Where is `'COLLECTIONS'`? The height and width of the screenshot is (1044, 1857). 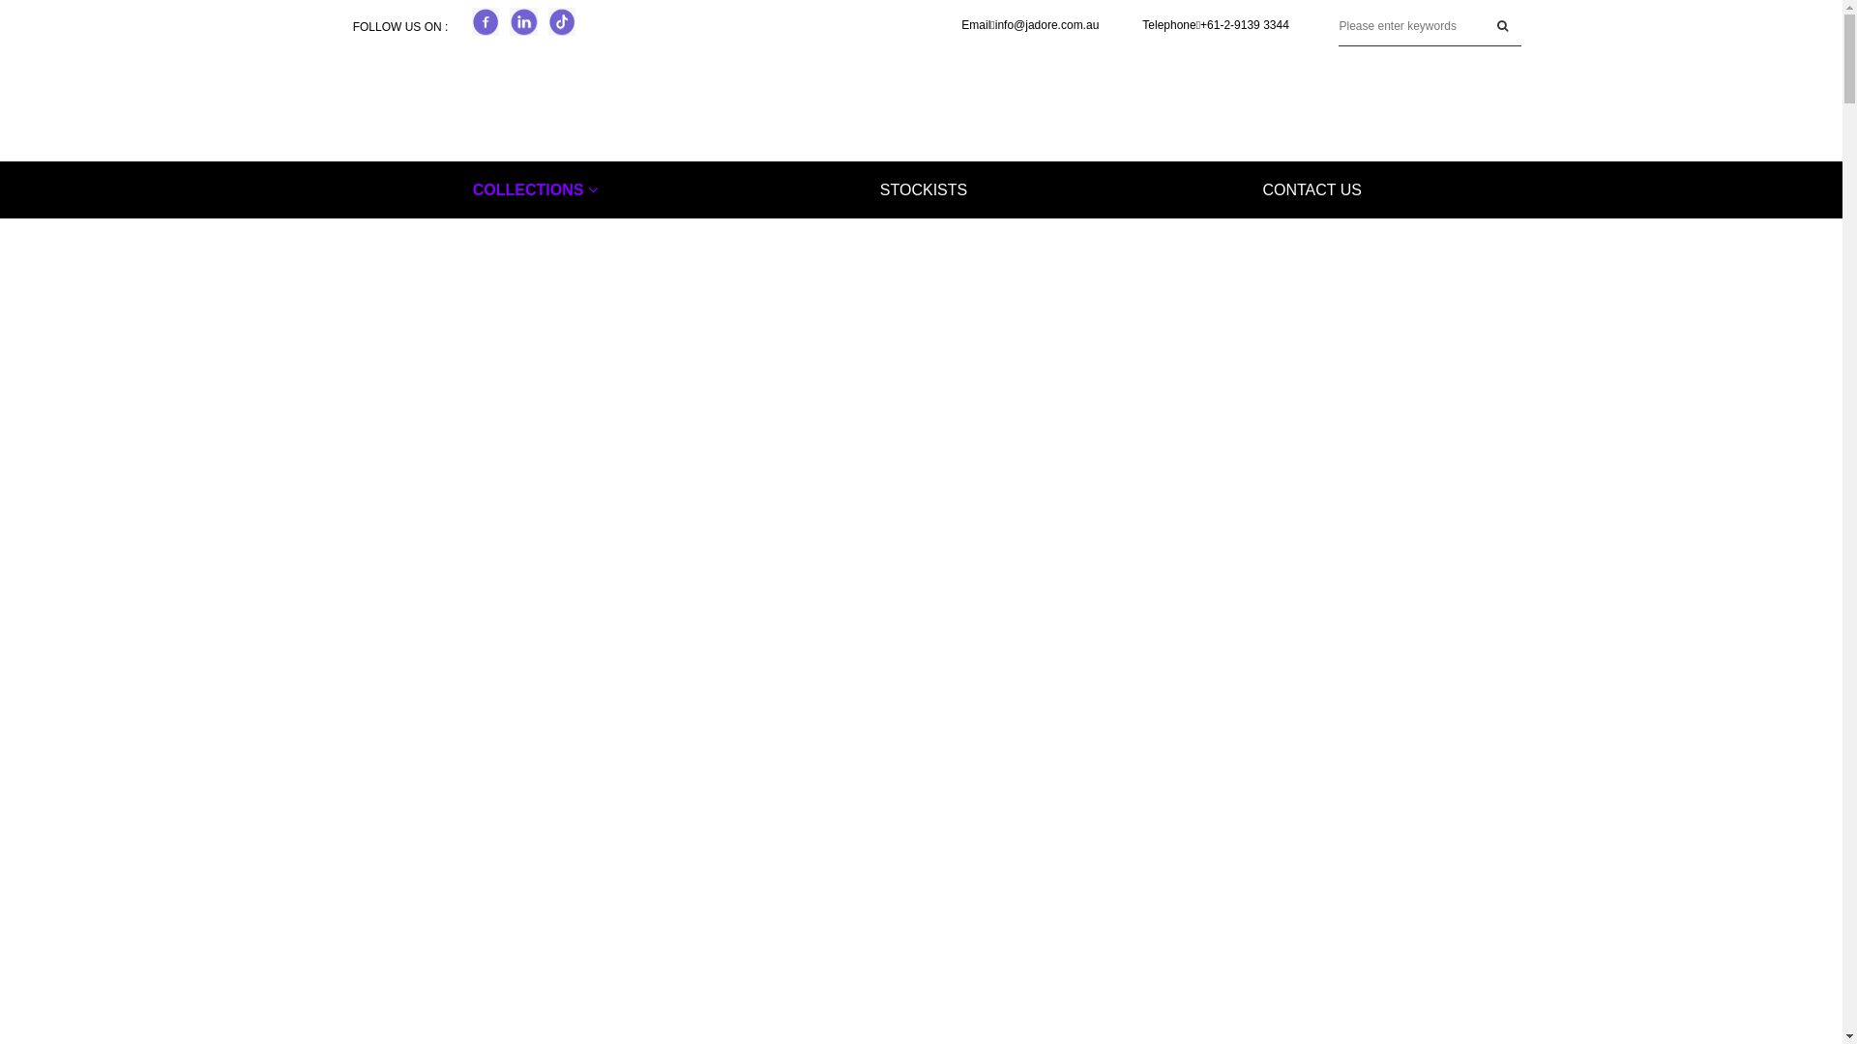 'COLLECTIONS' is located at coordinates (534, 189).